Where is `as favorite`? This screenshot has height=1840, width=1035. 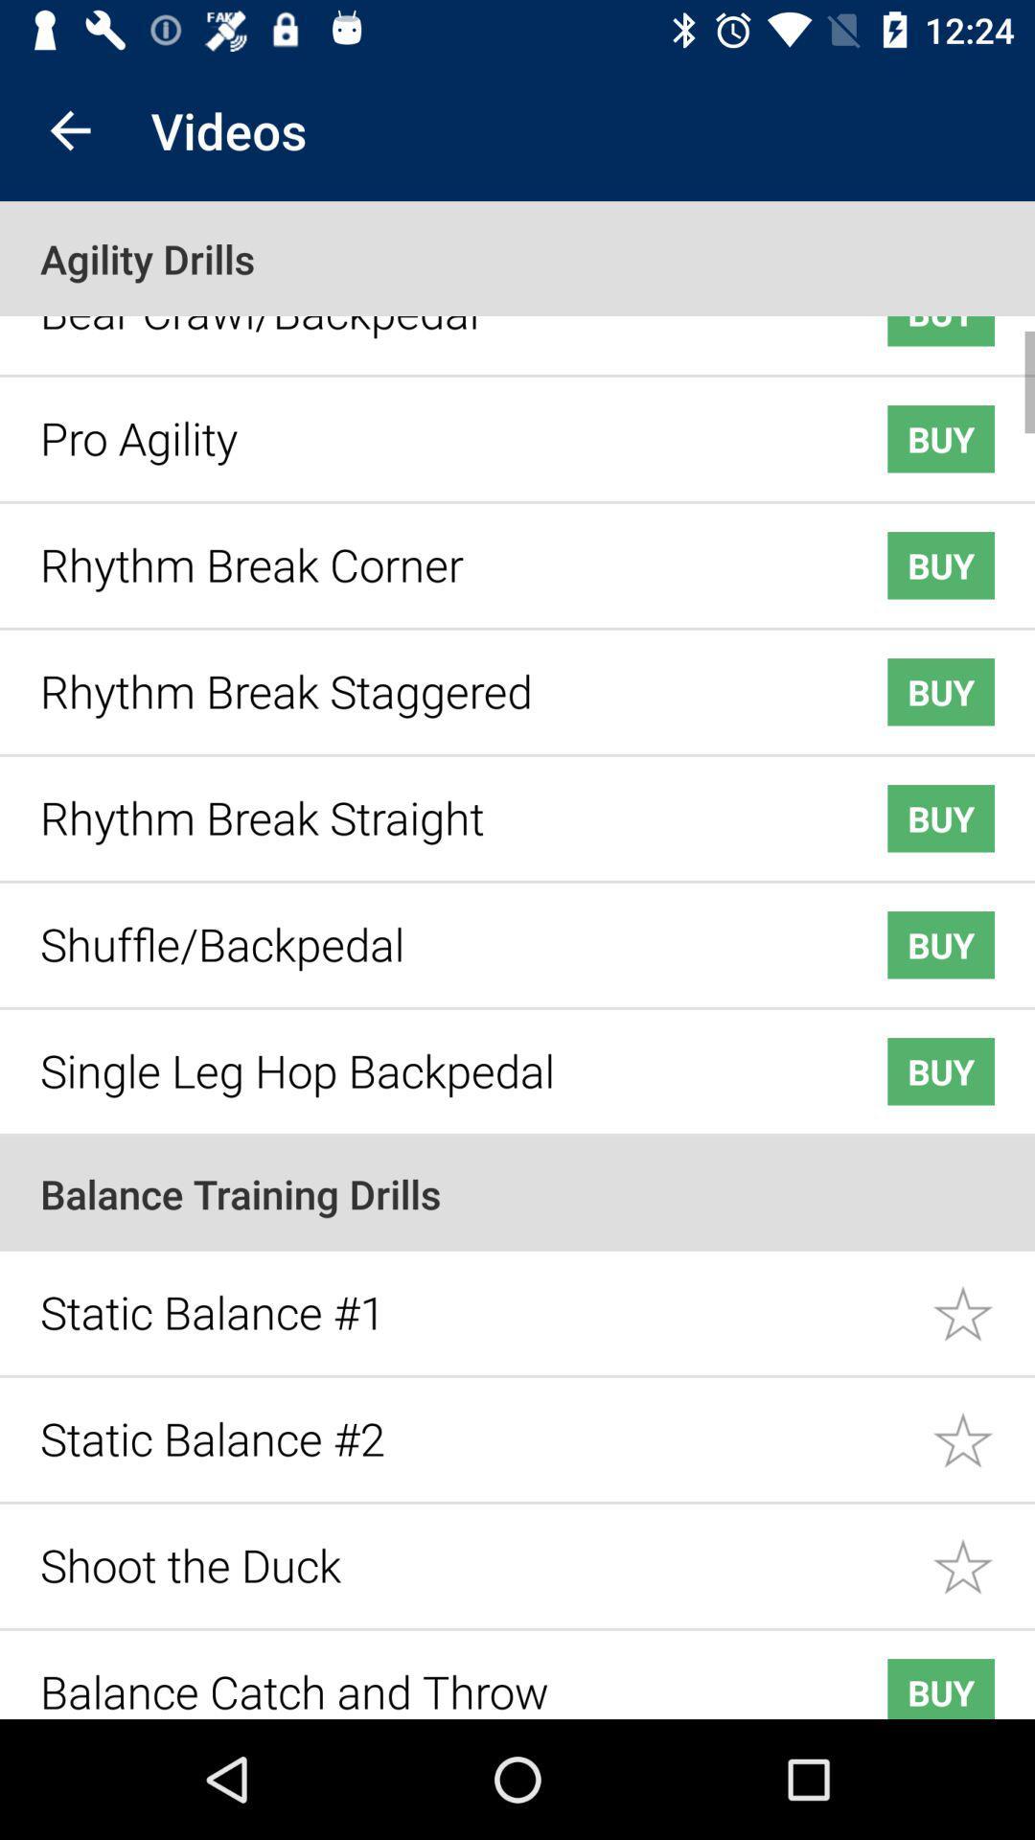
as favorite is located at coordinates (983, 1426).